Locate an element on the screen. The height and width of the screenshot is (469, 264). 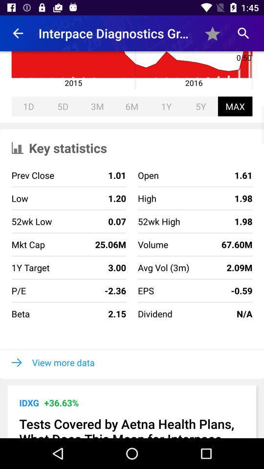
the item next to interpace diagnostics group is located at coordinates (18, 33).